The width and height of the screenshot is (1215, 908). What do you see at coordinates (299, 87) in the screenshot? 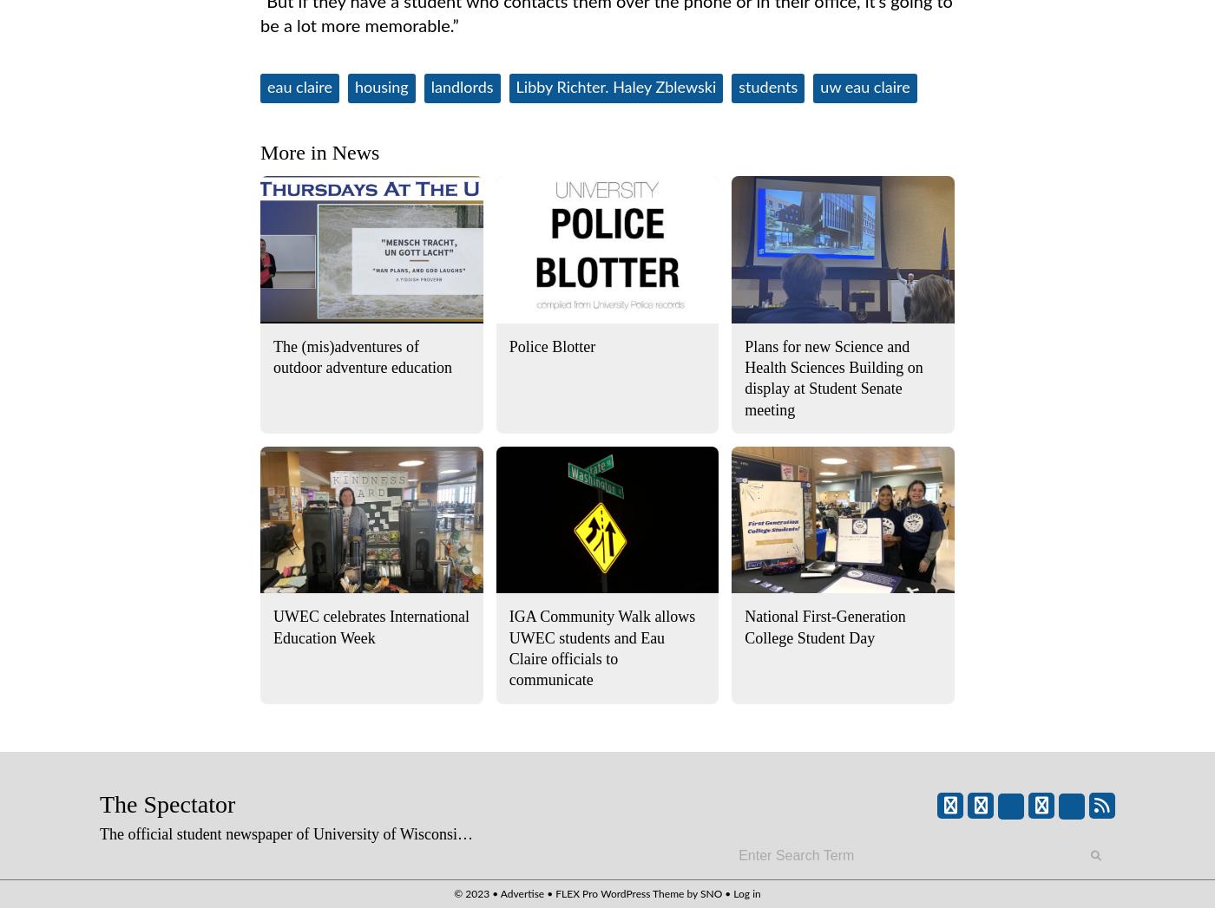
I see `'eau claire'` at bounding box center [299, 87].